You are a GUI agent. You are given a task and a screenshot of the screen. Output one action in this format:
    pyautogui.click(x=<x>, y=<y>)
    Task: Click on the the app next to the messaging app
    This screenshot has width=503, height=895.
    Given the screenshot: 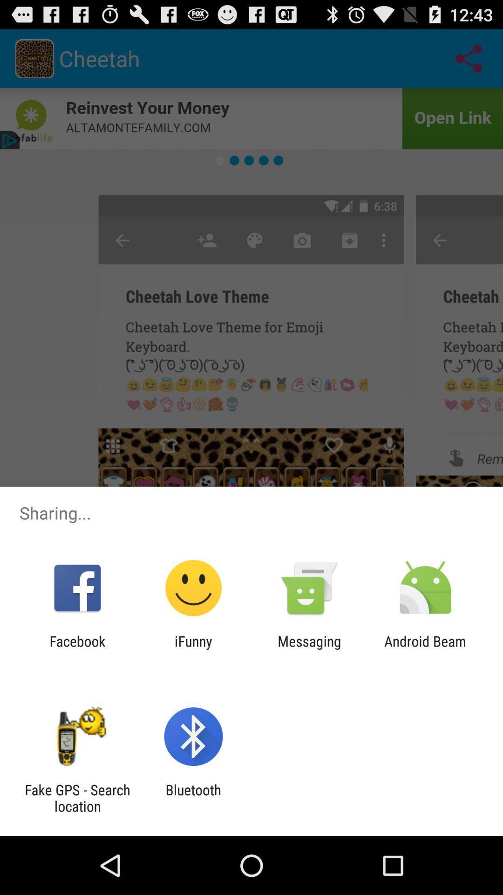 What is the action you would take?
    pyautogui.click(x=425, y=649)
    